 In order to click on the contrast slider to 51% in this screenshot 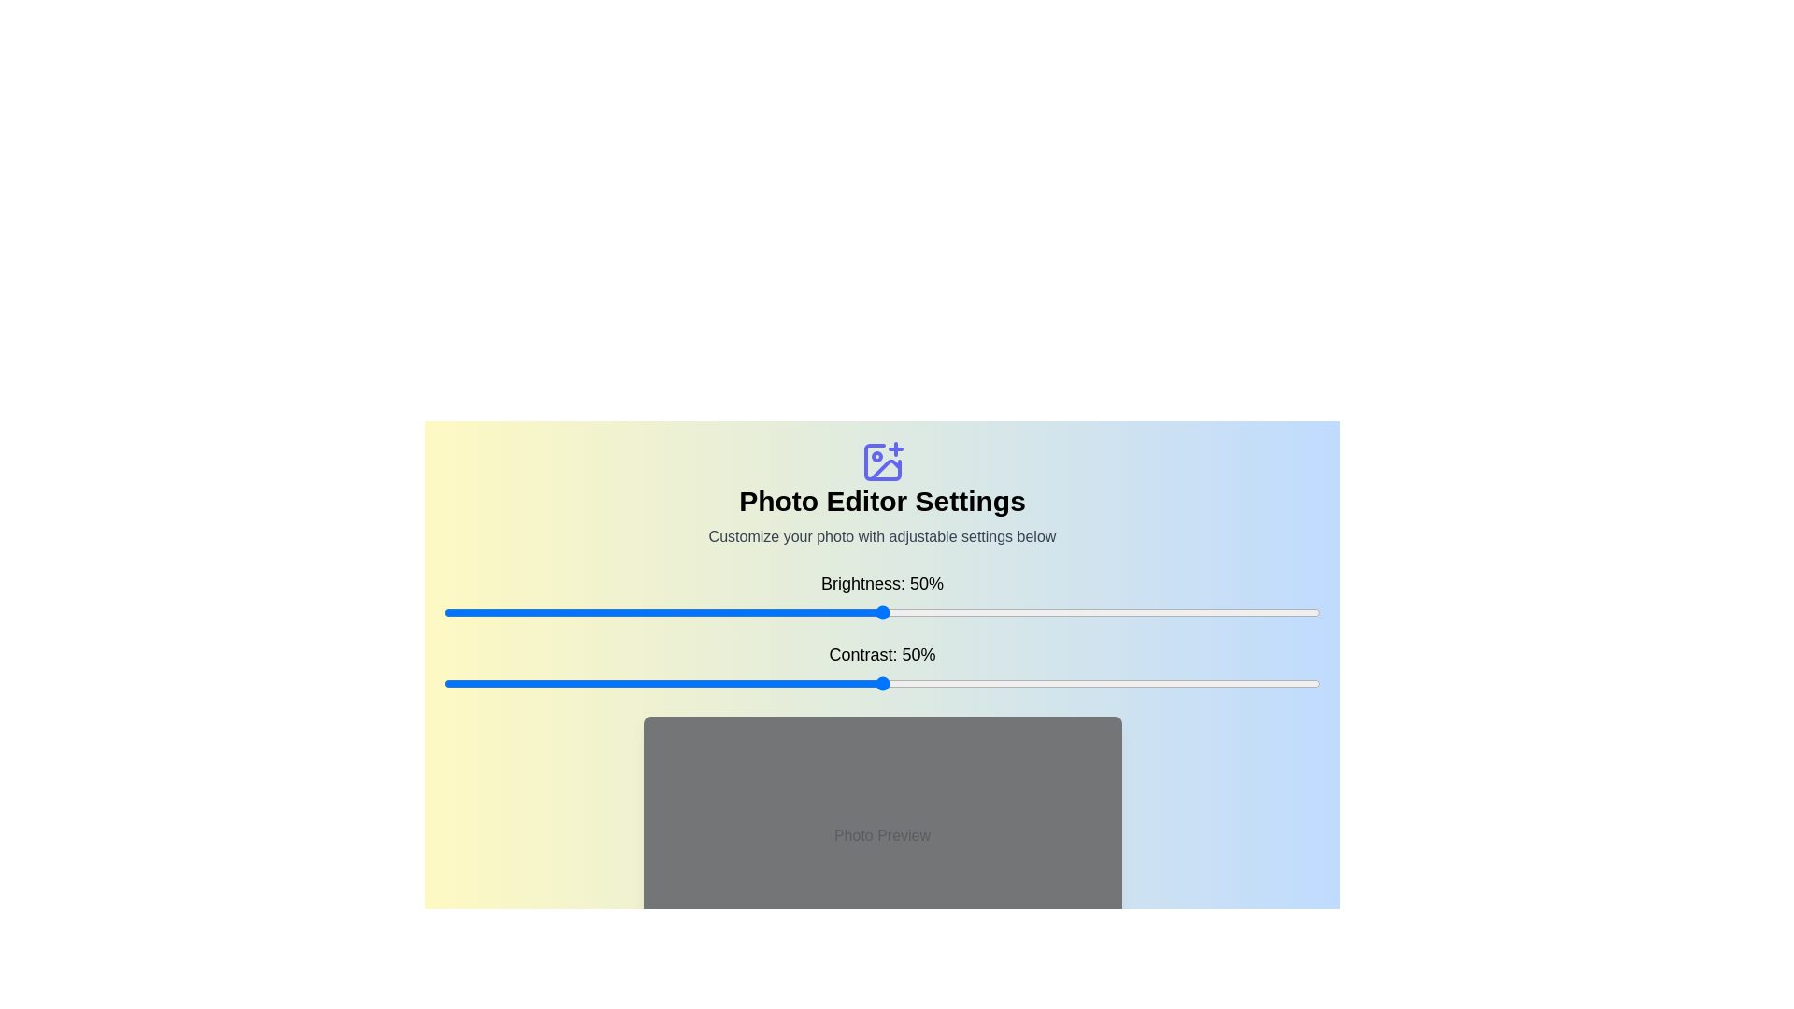, I will do `click(890, 684)`.